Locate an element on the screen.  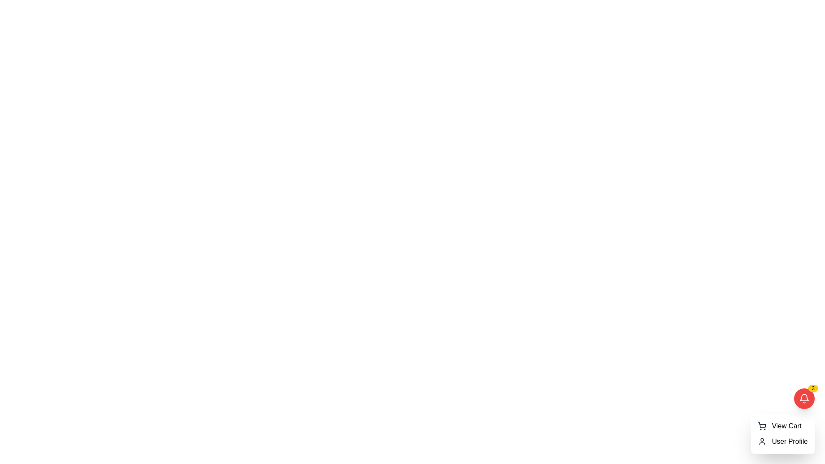
the user icon in the second list item, located below the 'View Cart' entry, within the rounded white card structure is located at coordinates (783, 442).